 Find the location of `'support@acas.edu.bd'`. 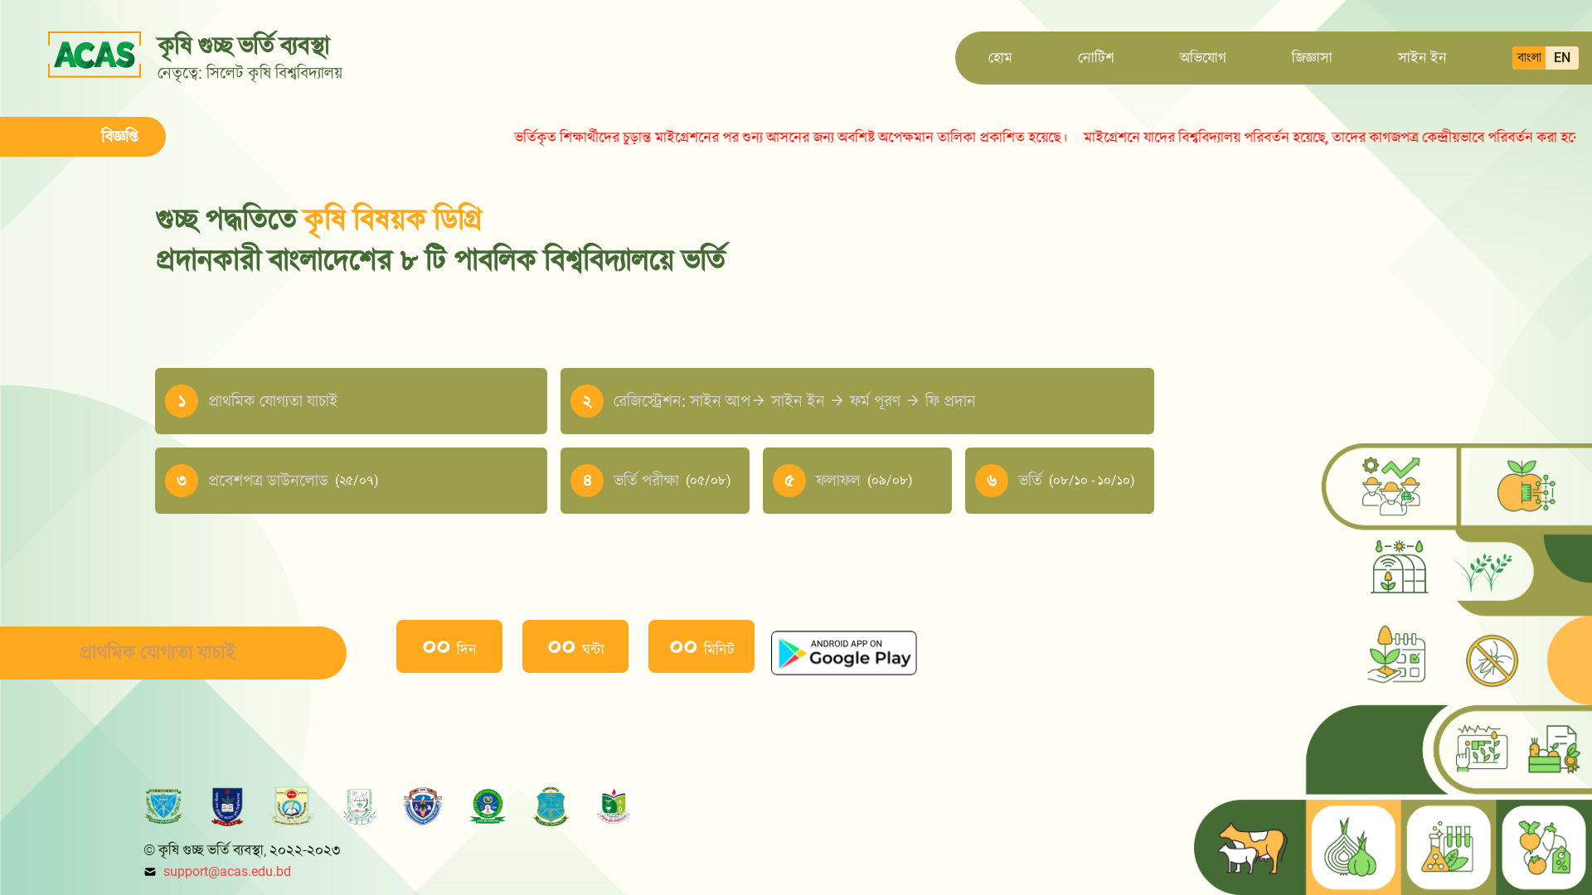

'support@acas.edu.bd' is located at coordinates (226, 871).